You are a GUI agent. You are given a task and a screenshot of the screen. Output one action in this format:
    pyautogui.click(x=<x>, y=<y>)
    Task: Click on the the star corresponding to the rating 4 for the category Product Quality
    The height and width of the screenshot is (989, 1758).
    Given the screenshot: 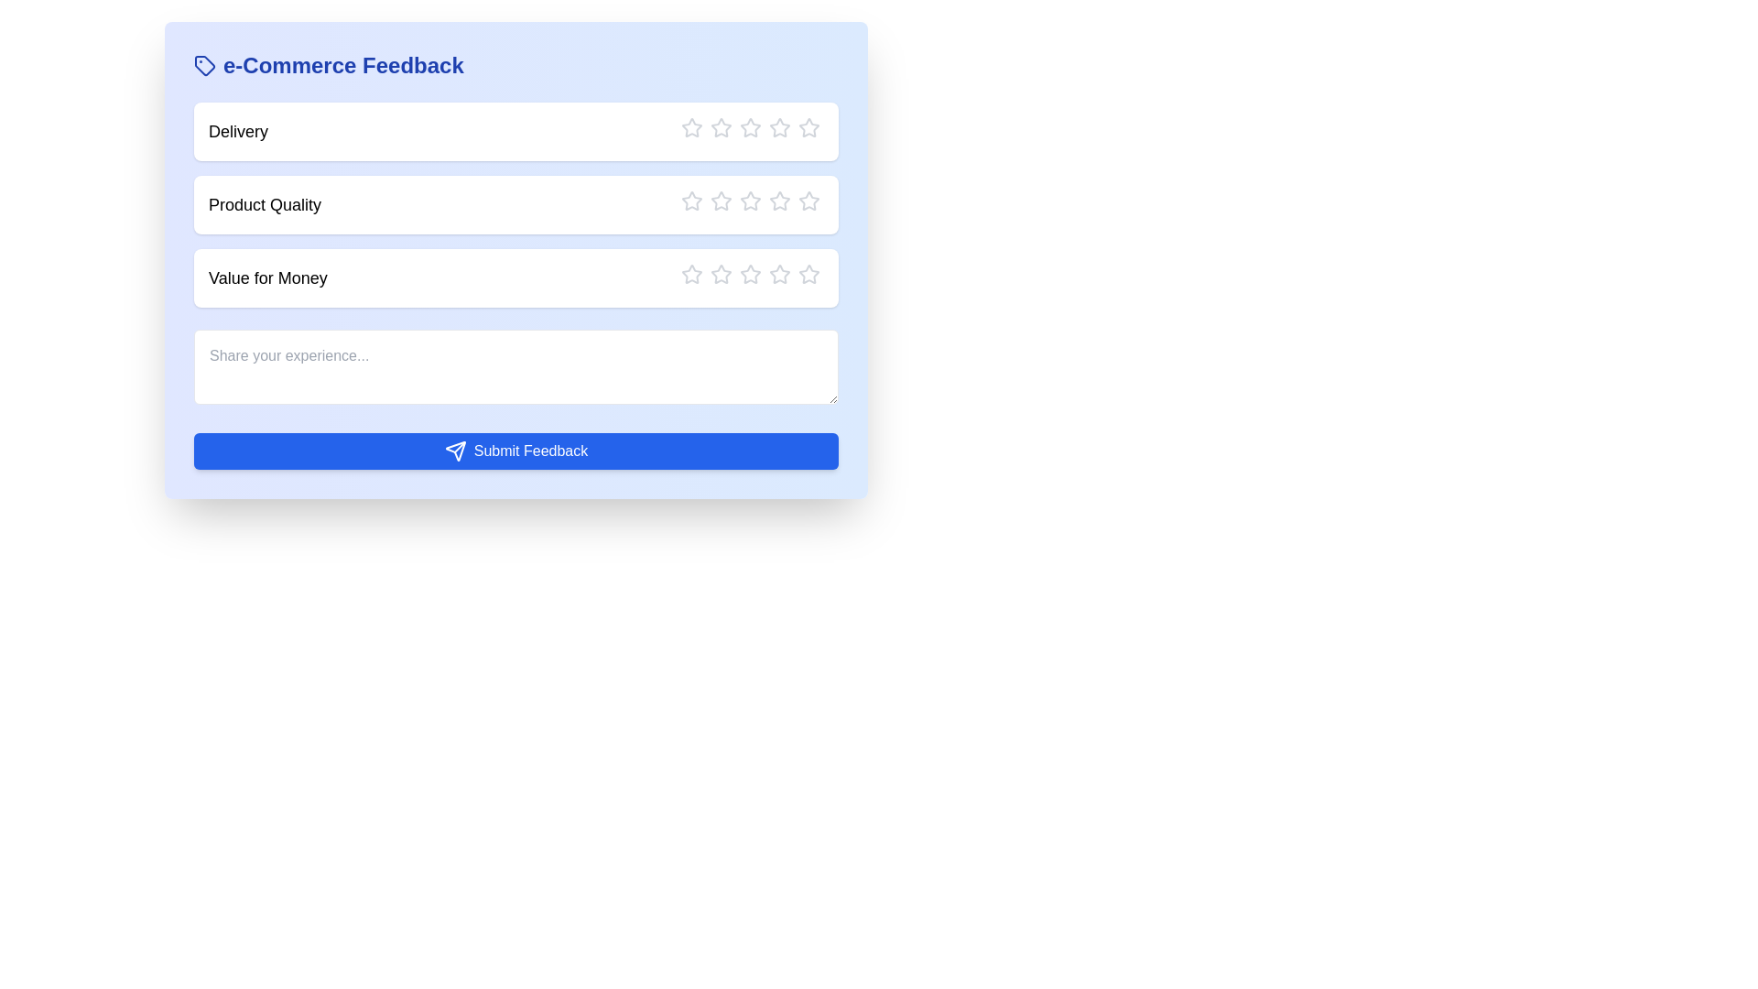 What is the action you would take?
    pyautogui.click(x=769, y=201)
    